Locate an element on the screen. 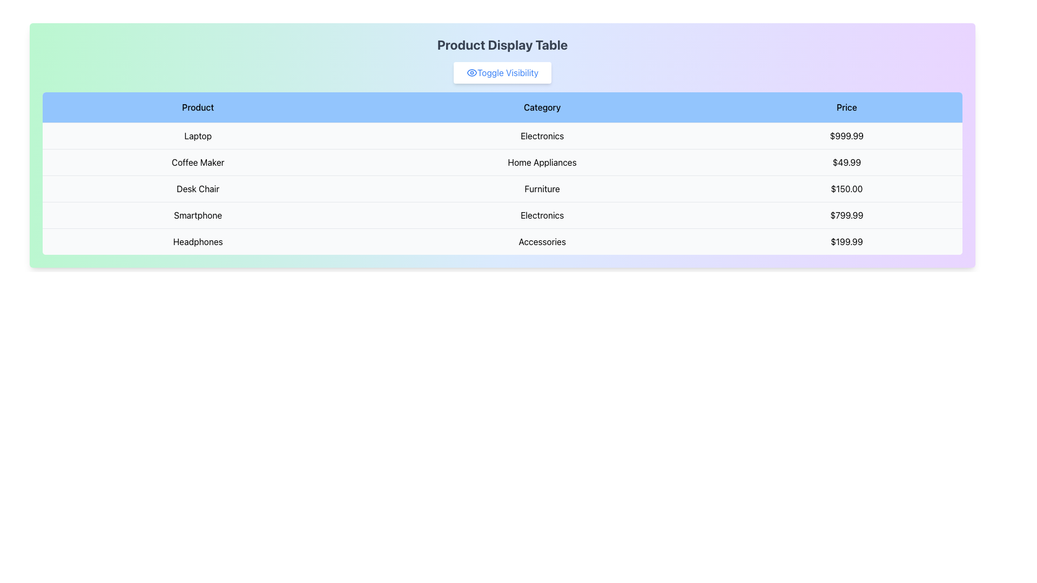  the static text element displaying the category 'Accessories' in the second column of the row labeled 'Headphones' in the table layout is located at coordinates (542, 241).